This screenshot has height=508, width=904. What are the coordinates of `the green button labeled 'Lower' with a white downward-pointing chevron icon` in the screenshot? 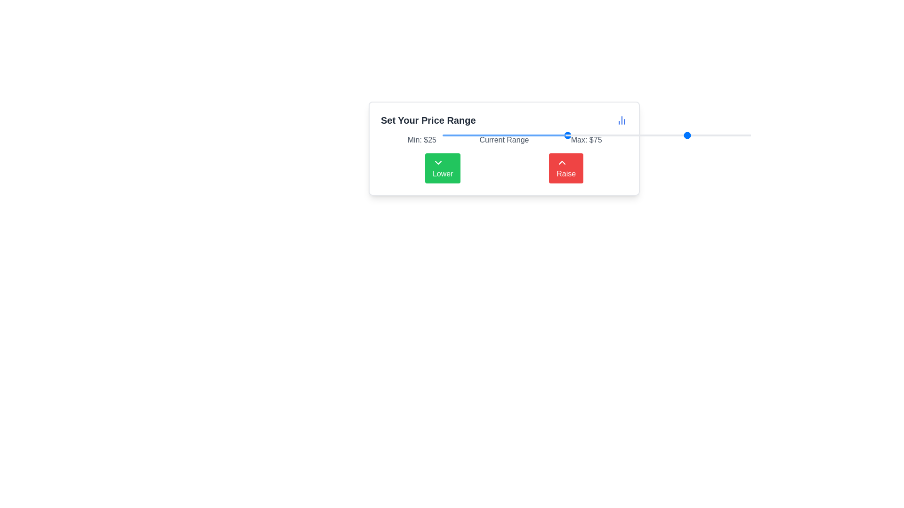 It's located at (442, 168).